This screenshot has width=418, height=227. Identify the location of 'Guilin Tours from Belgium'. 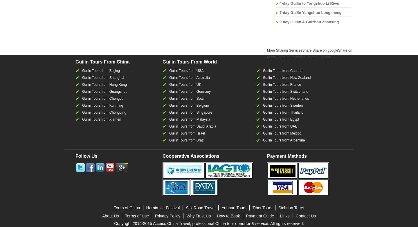
(189, 106).